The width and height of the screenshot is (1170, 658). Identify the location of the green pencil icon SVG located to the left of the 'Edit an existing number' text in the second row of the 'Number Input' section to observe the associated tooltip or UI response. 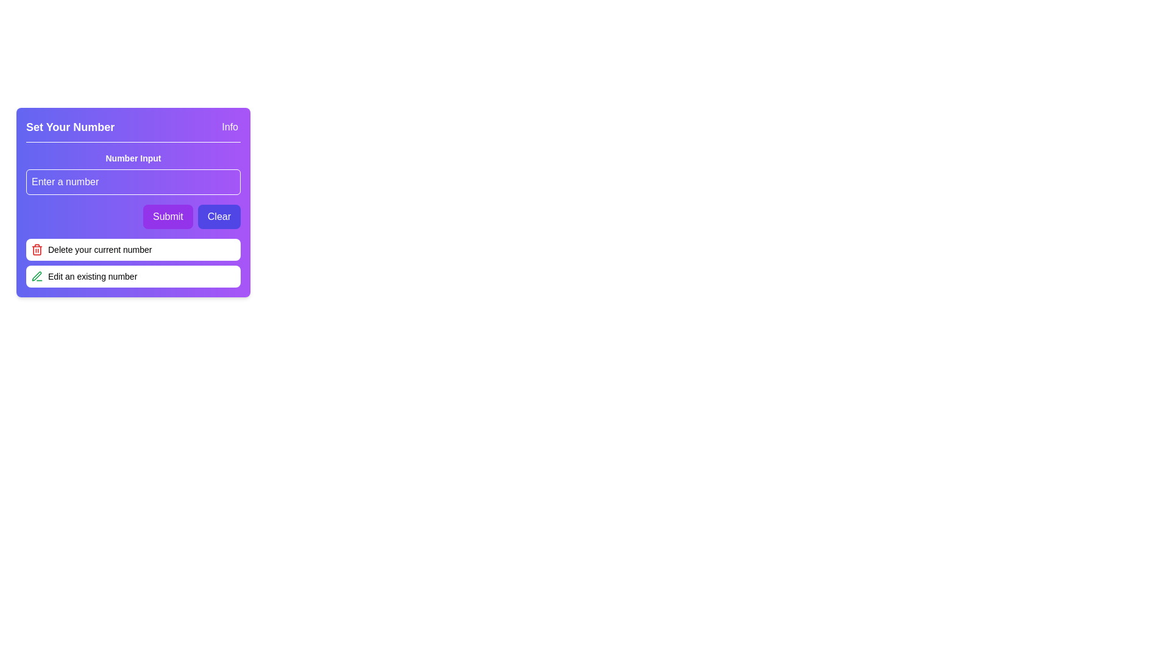
(37, 277).